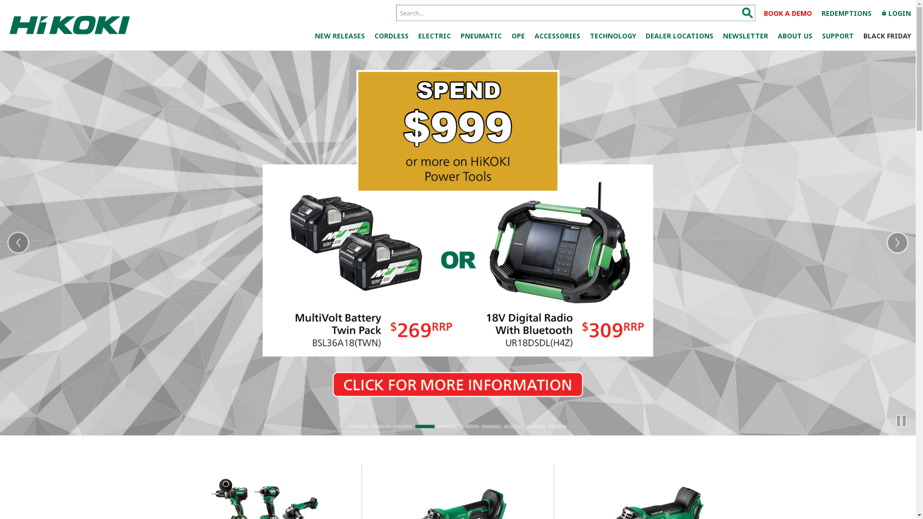  I want to click on 'CORDLESS', so click(369, 35).